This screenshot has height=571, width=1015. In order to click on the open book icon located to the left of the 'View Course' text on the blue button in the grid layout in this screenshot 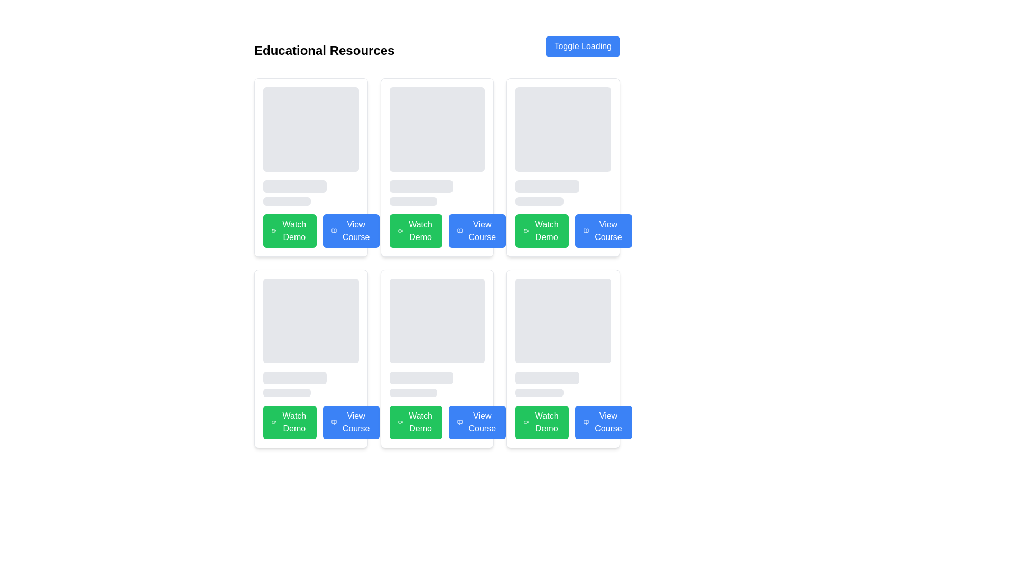, I will do `click(586, 230)`.